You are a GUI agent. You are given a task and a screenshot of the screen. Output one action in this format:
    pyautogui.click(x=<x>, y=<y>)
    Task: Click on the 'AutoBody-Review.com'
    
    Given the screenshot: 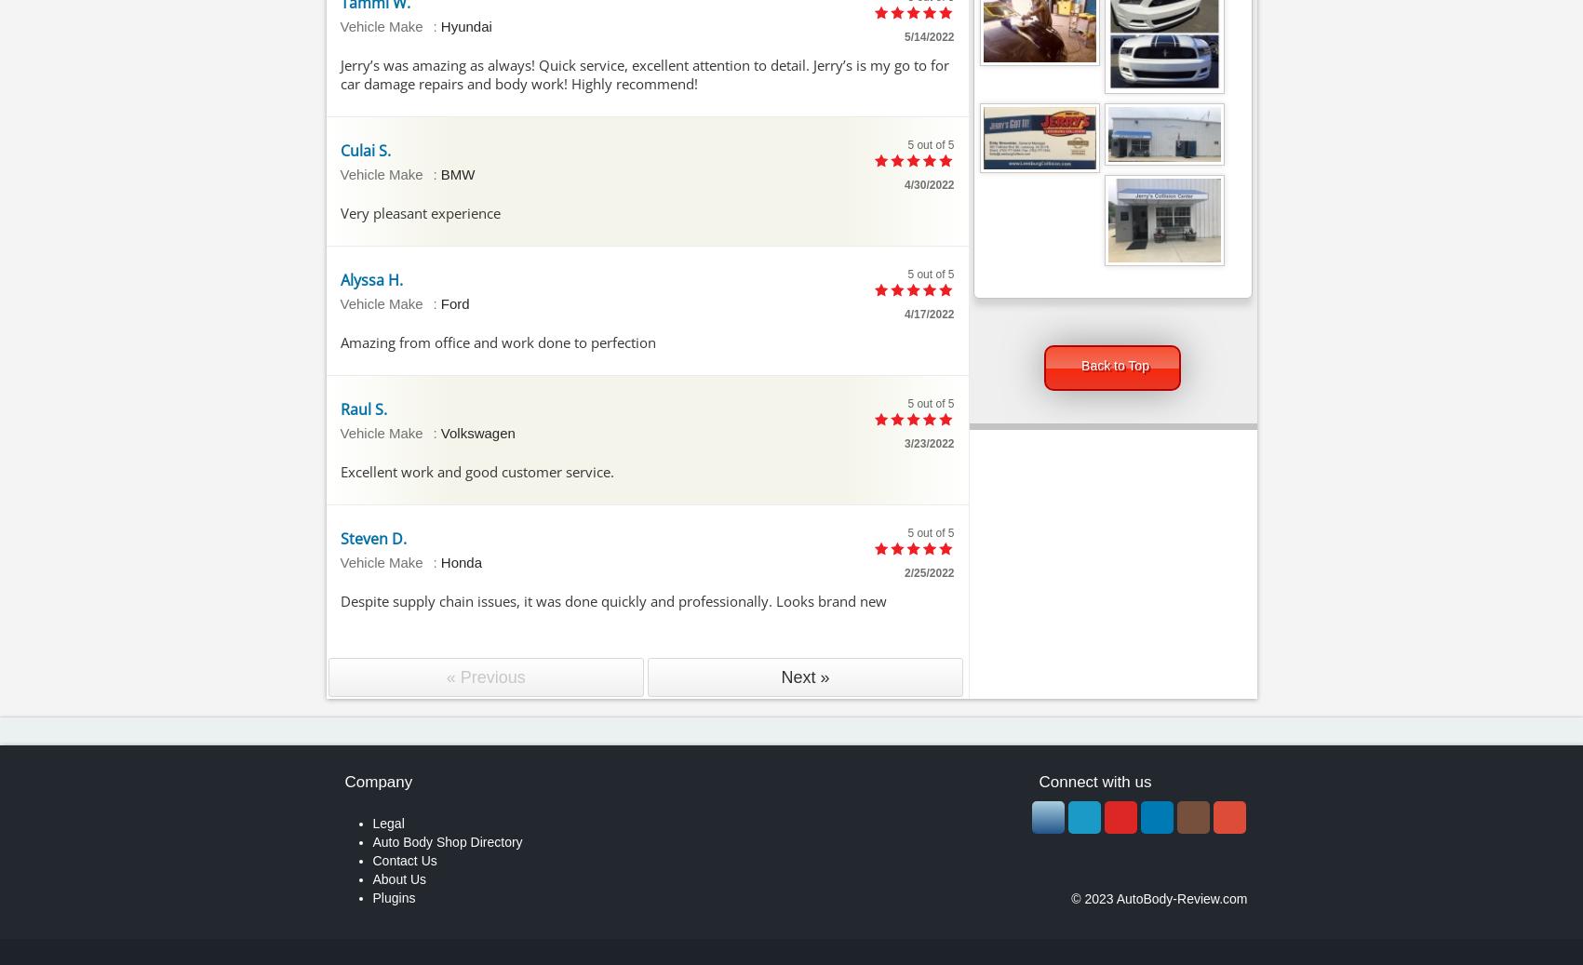 What is the action you would take?
    pyautogui.click(x=1181, y=898)
    